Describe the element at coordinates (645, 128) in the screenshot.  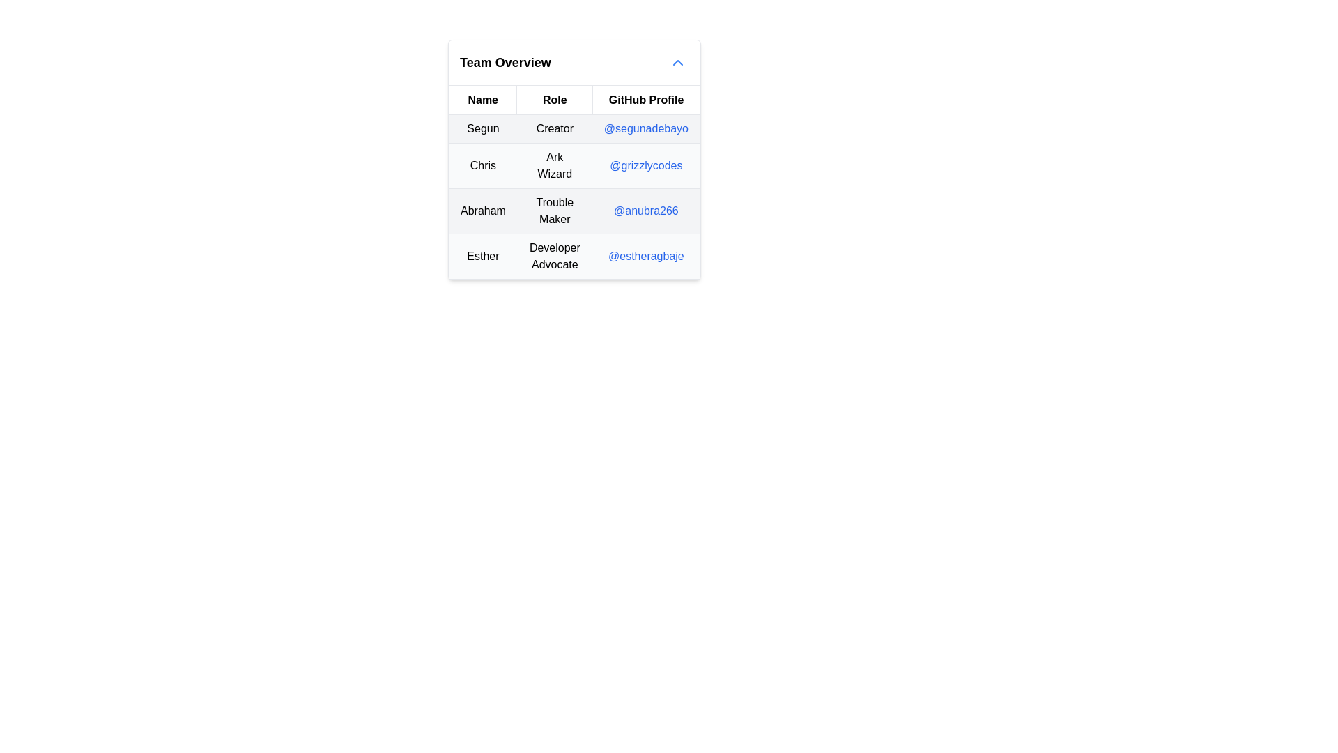
I see `the hyperlink` at that location.